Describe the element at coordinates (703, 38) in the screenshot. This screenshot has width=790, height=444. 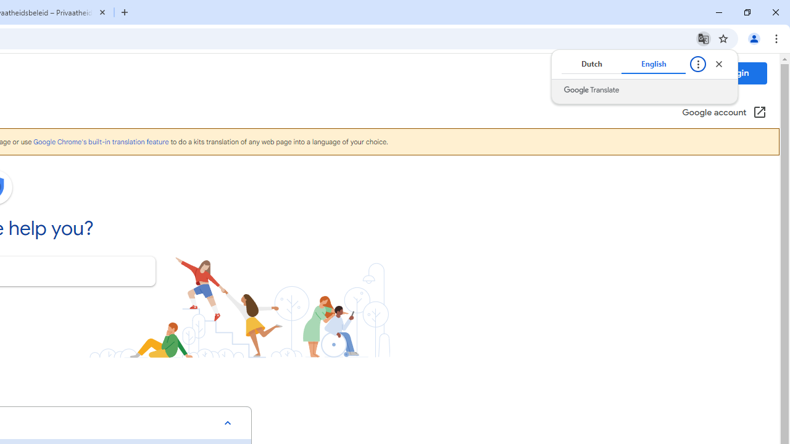
I see `'Translate this page'` at that location.